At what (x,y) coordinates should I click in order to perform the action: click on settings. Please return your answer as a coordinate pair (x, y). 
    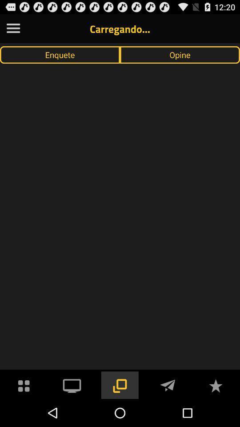
    Looking at the image, I should click on (13, 28).